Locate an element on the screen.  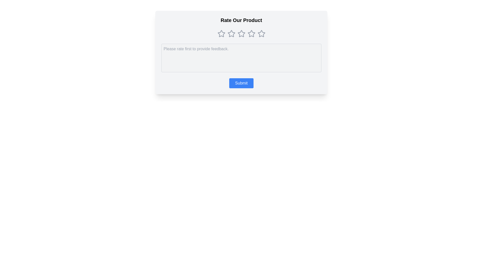
the highlighted fifth rating star in a row of five stars to give a rating is located at coordinates (261, 34).